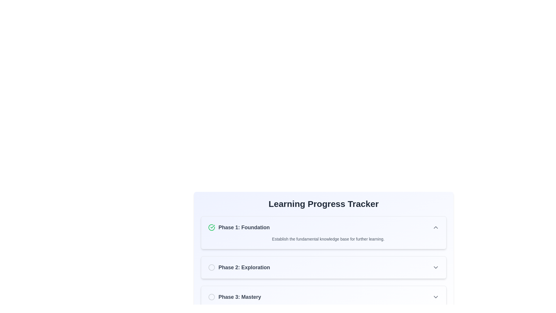  What do you see at coordinates (323, 239) in the screenshot?
I see `the descriptive text block providing additional information for the 'Phase 1: Foundation' section in the Learning Progress Tracker interface` at bounding box center [323, 239].